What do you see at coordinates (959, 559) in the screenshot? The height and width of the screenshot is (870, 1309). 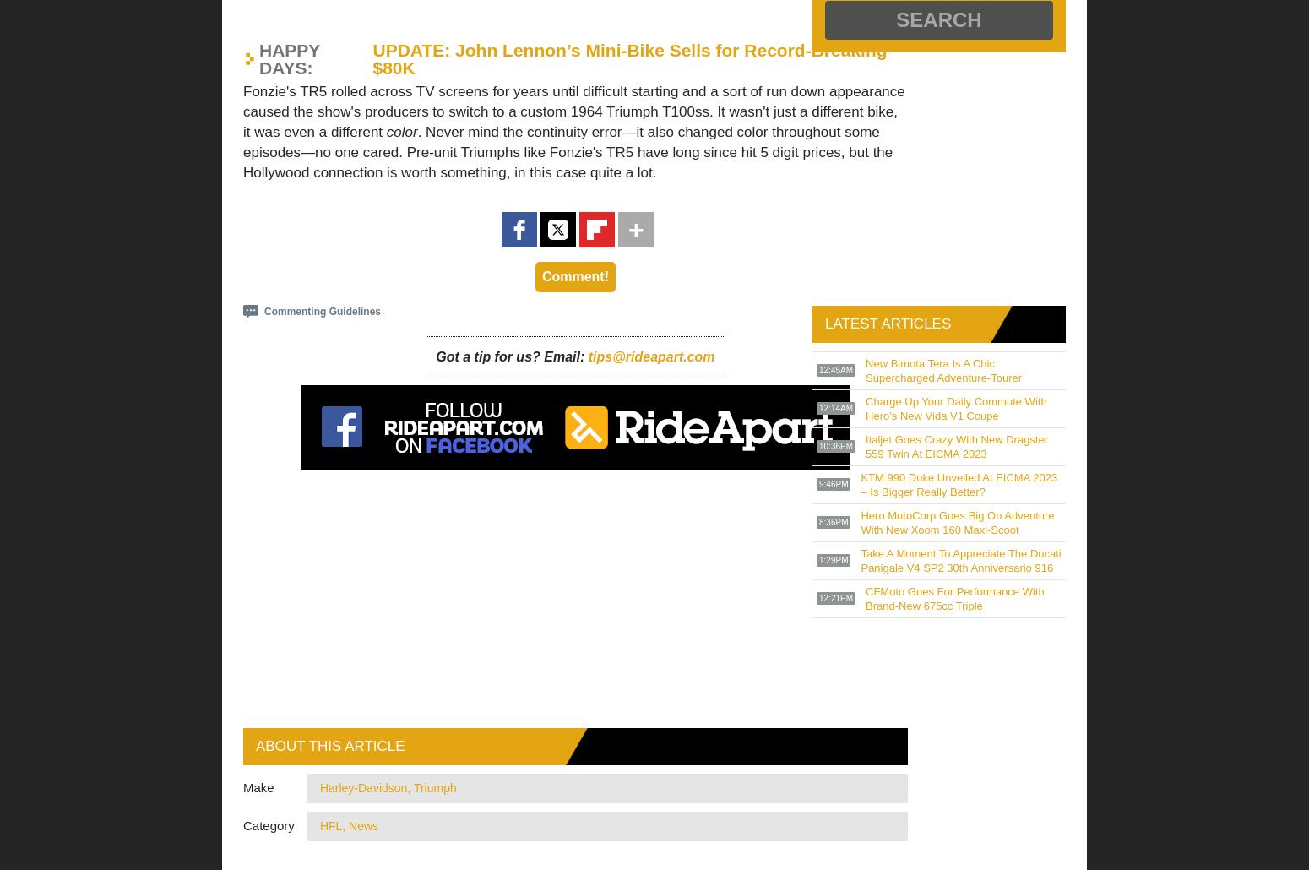 I see `'Take A Moment To Appreciate The Ducati Panigale V4 SP2 30th Anniversario 916'` at bounding box center [959, 559].